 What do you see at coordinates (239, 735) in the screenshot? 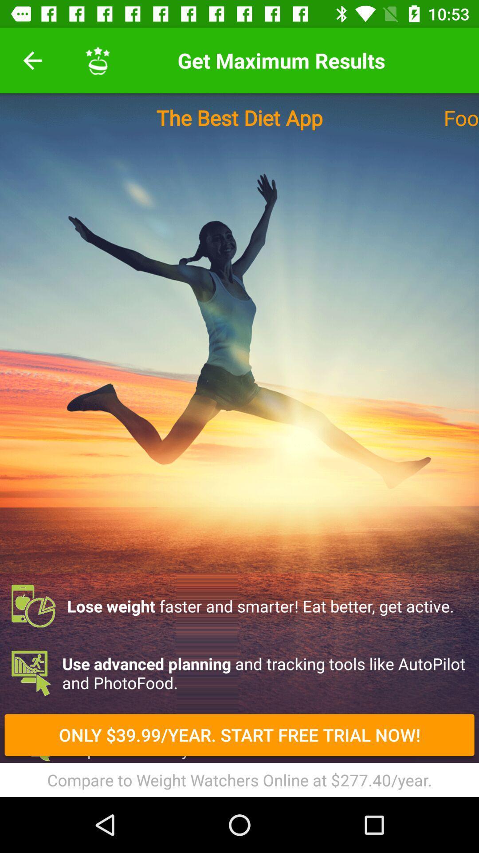
I see `the item above the compare to weight` at bounding box center [239, 735].